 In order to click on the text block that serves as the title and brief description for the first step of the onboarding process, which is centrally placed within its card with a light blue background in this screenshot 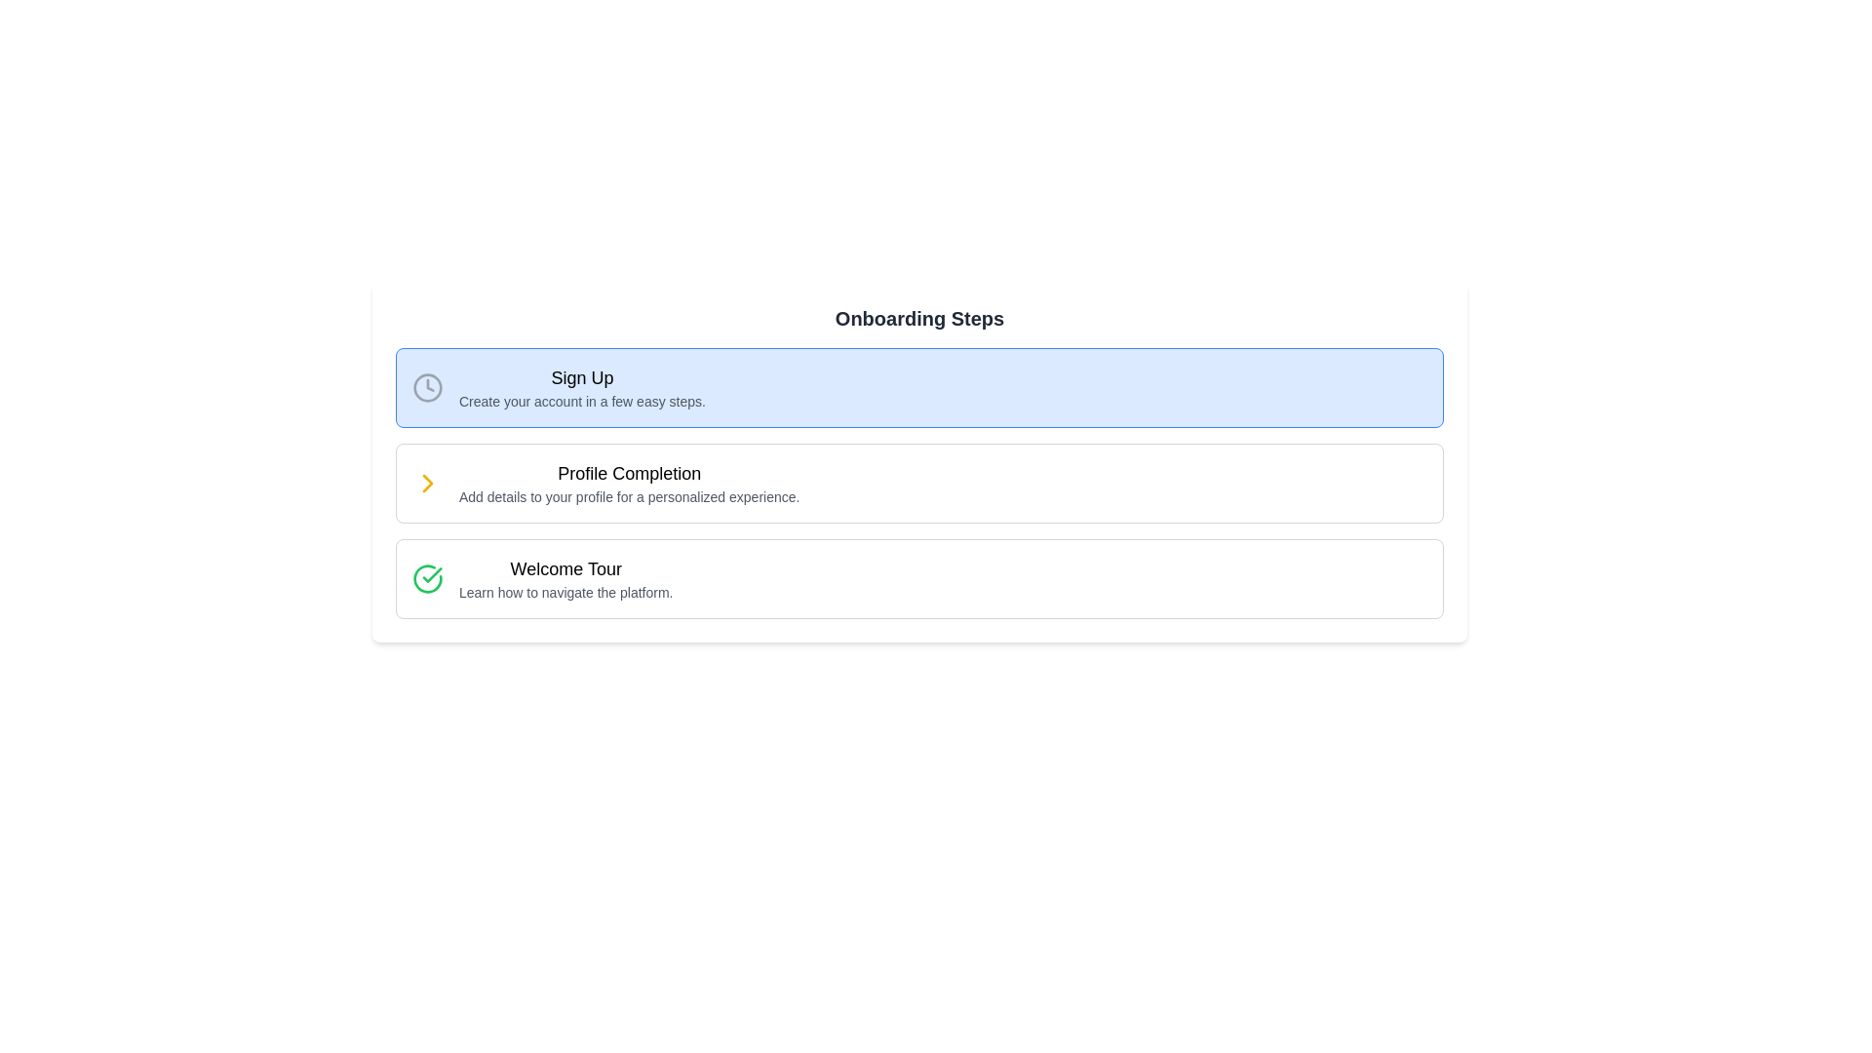, I will do `click(581, 387)`.